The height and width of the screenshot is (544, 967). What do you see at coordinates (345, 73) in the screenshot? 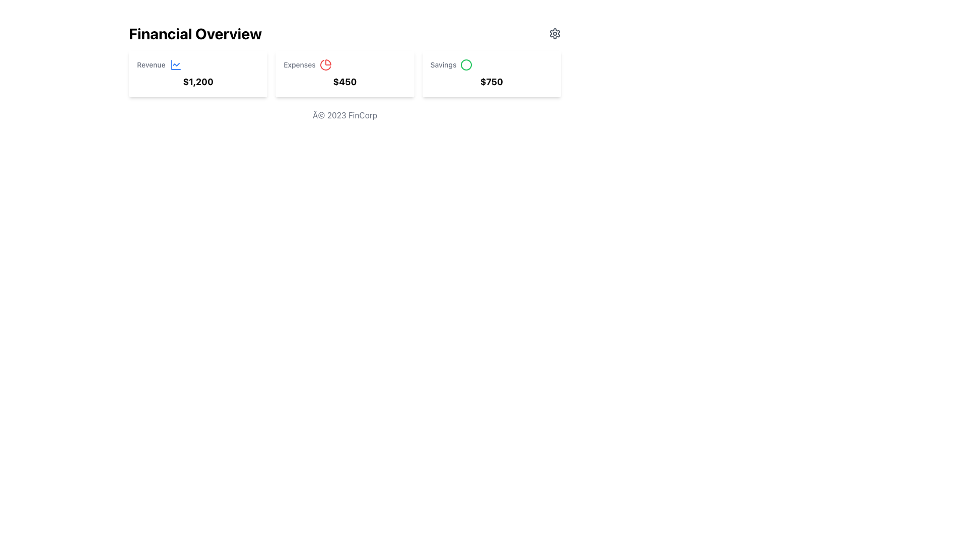
I see `the Information Card that summarizes expenses, located centrally in a 3-column grid layout, positioned between the Revenue card and the Savings card` at bounding box center [345, 73].